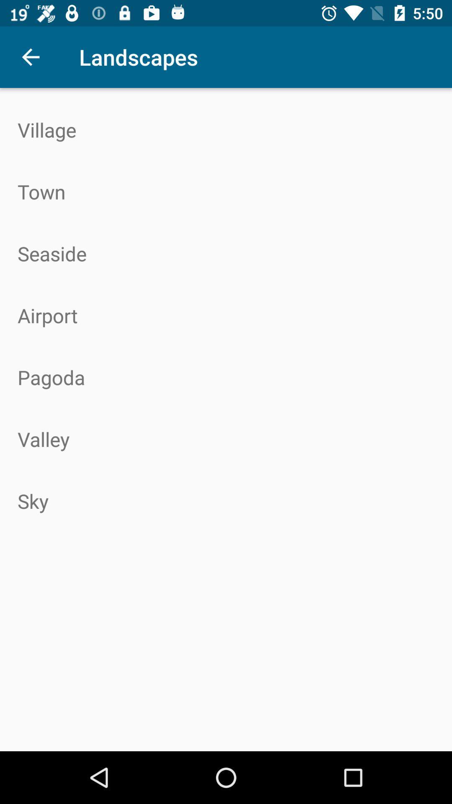 Image resolution: width=452 pixels, height=804 pixels. Describe the element at coordinates (226, 315) in the screenshot. I see `icon below seaside` at that location.